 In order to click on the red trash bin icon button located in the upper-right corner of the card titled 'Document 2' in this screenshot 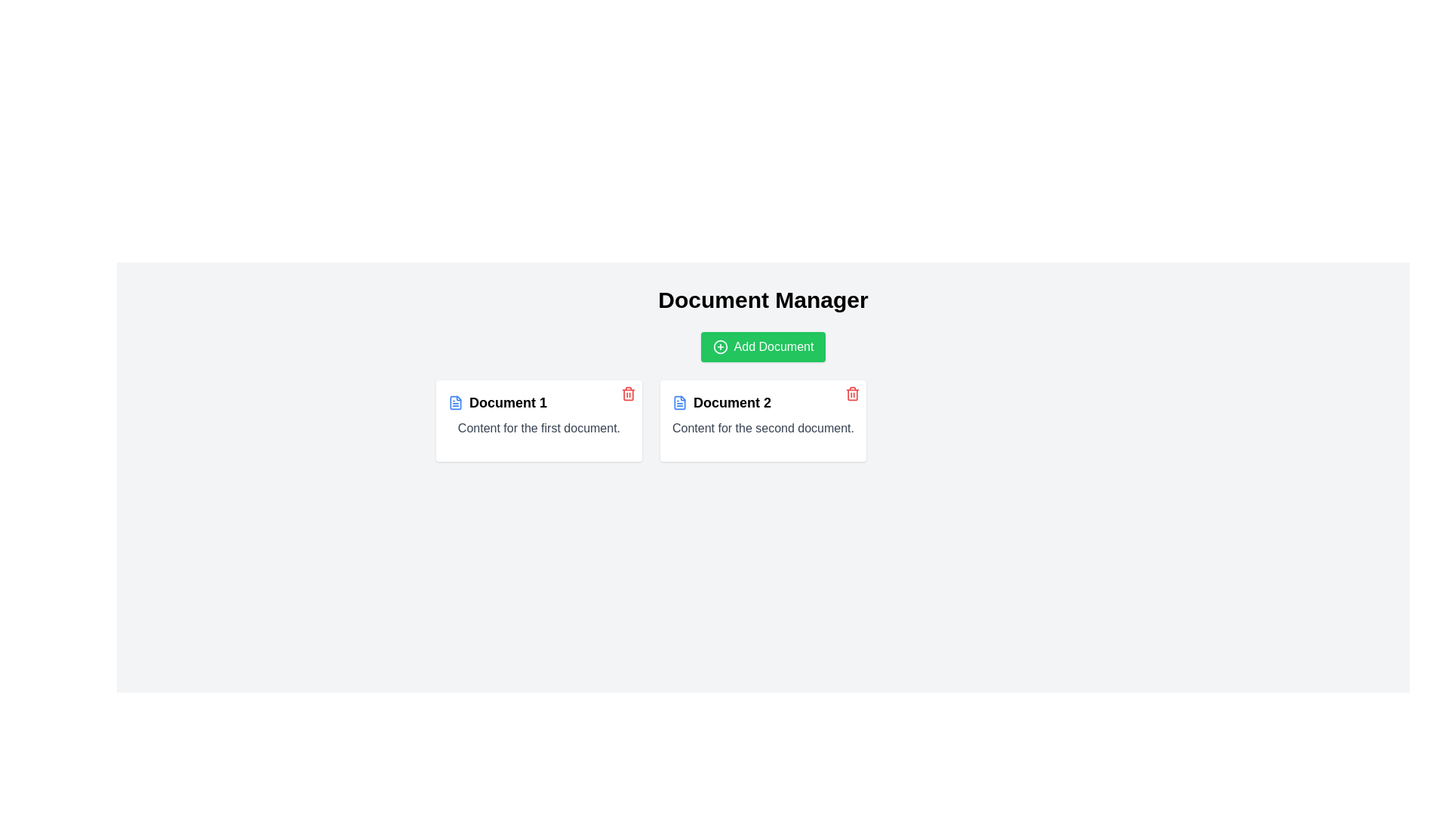, I will do `click(853, 392)`.